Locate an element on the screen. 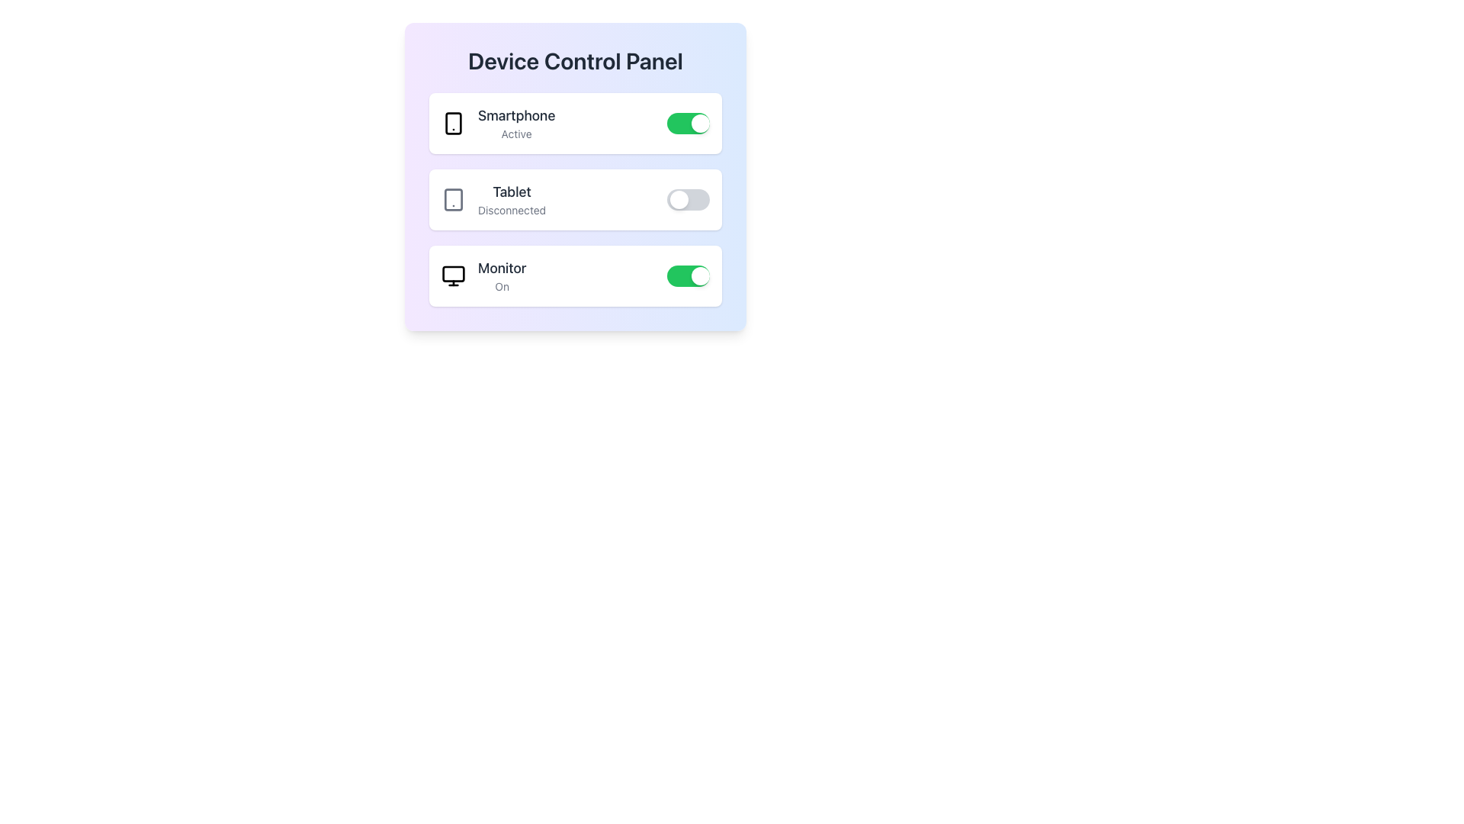  the toggle switch of the 'Smartphone' device control entry in the Device Control Panel to change its status from Active is located at coordinates (574, 123).